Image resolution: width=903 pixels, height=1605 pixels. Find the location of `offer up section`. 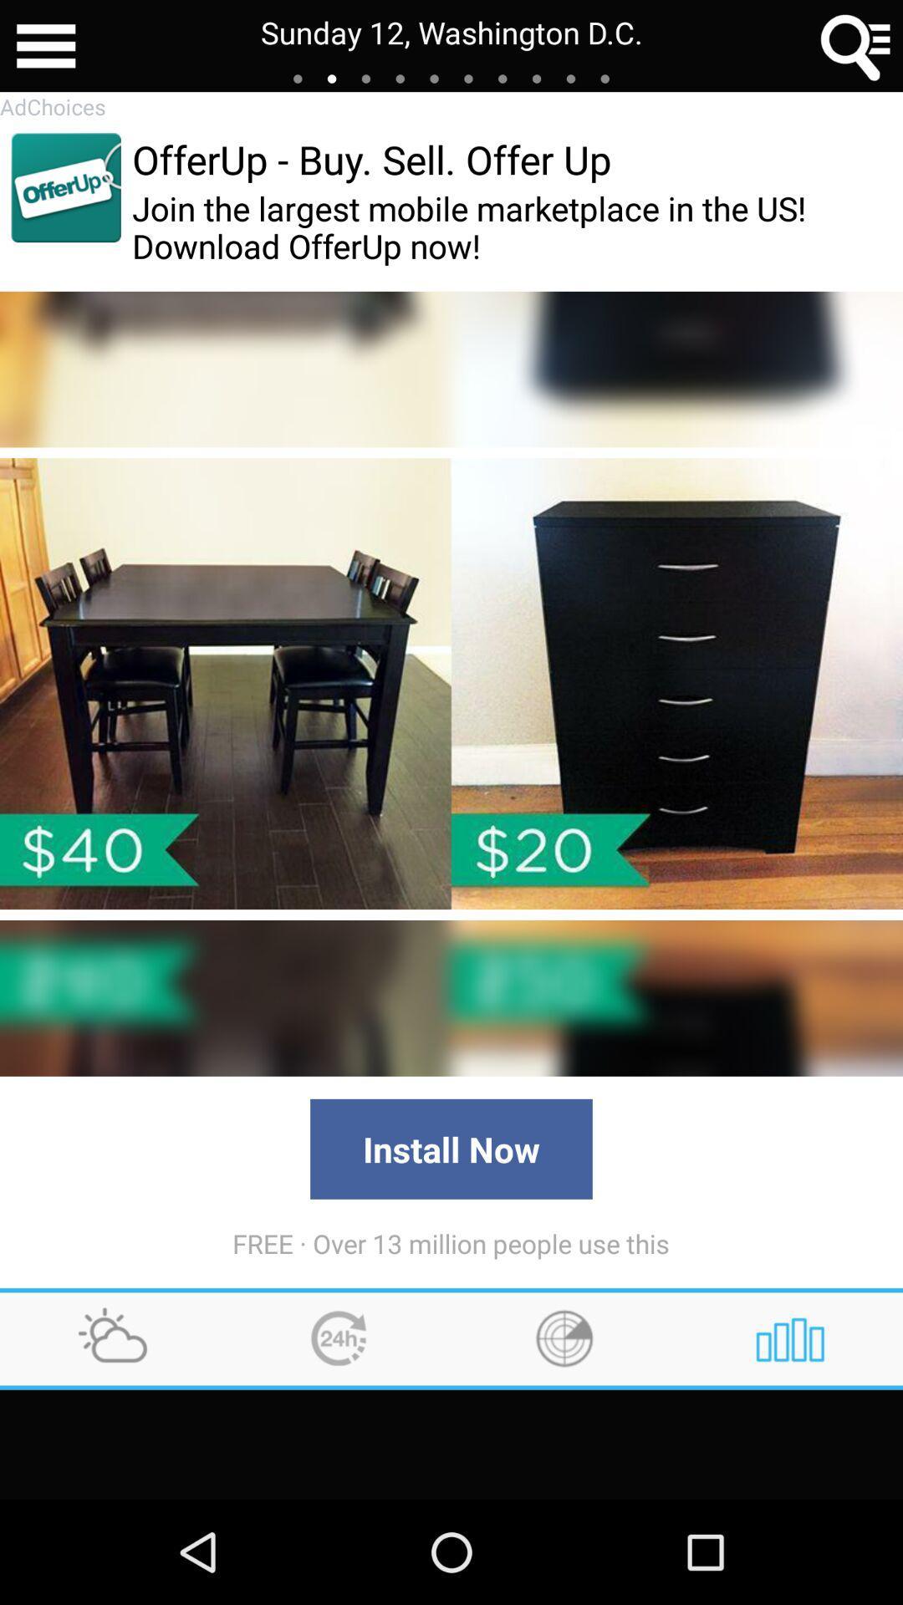

offer up section is located at coordinates (65, 187).